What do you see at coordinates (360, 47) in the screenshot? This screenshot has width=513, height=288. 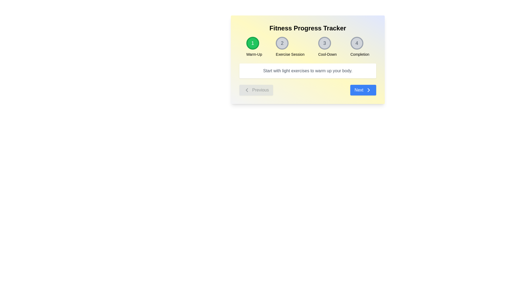 I see `the Progress Indicator displaying the number '4', which is styled in gray and located beside the label 'Completion'` at bounding box center [360, 47].